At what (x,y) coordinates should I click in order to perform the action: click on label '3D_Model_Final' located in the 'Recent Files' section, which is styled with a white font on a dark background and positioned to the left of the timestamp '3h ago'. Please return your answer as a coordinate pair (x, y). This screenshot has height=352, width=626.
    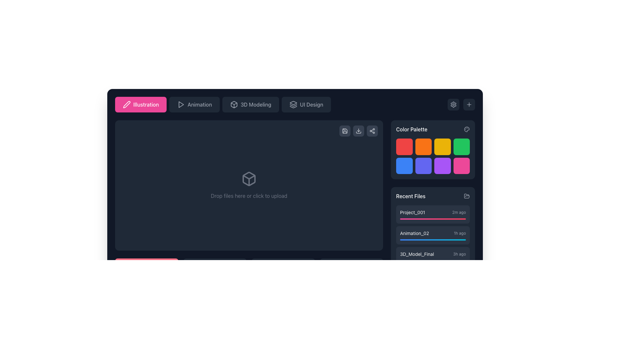
    Looking at the image, I should click on (417, 254).